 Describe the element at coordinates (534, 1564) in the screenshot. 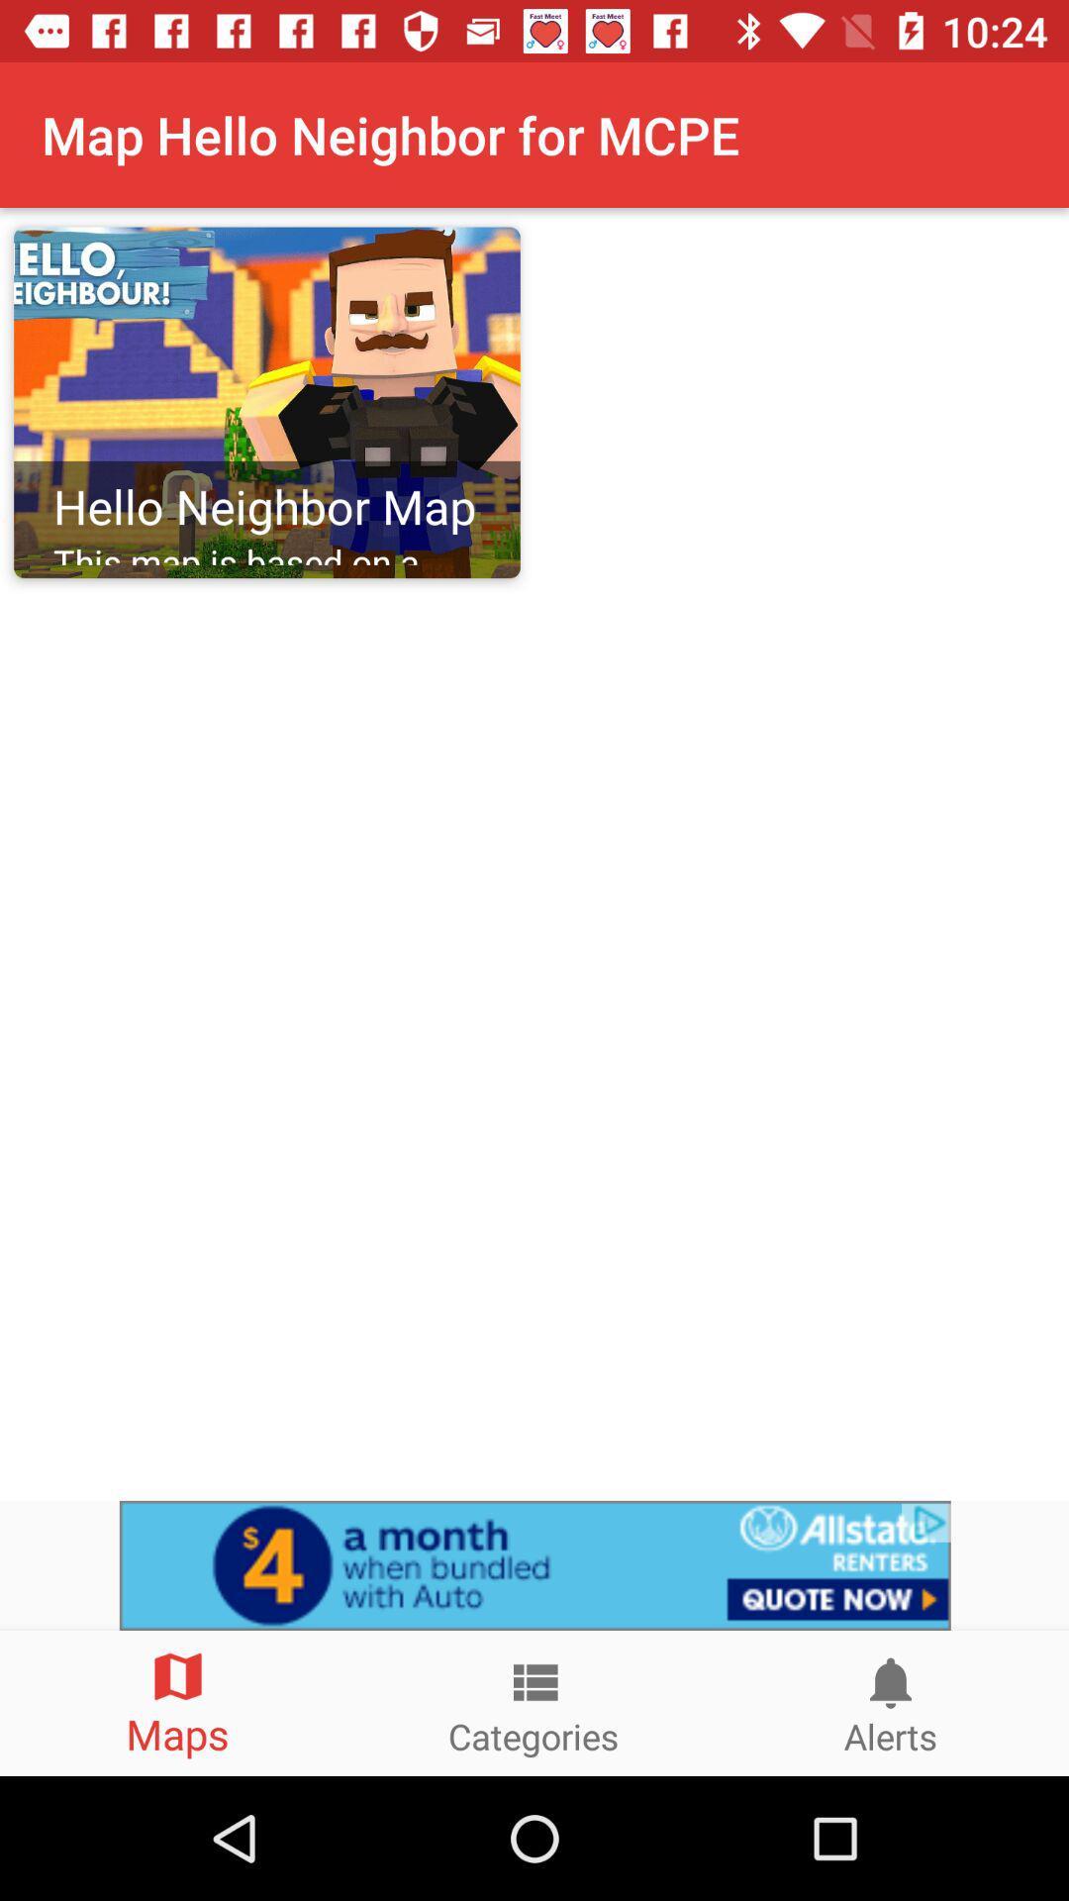

I see `view advertisements options` at that location.